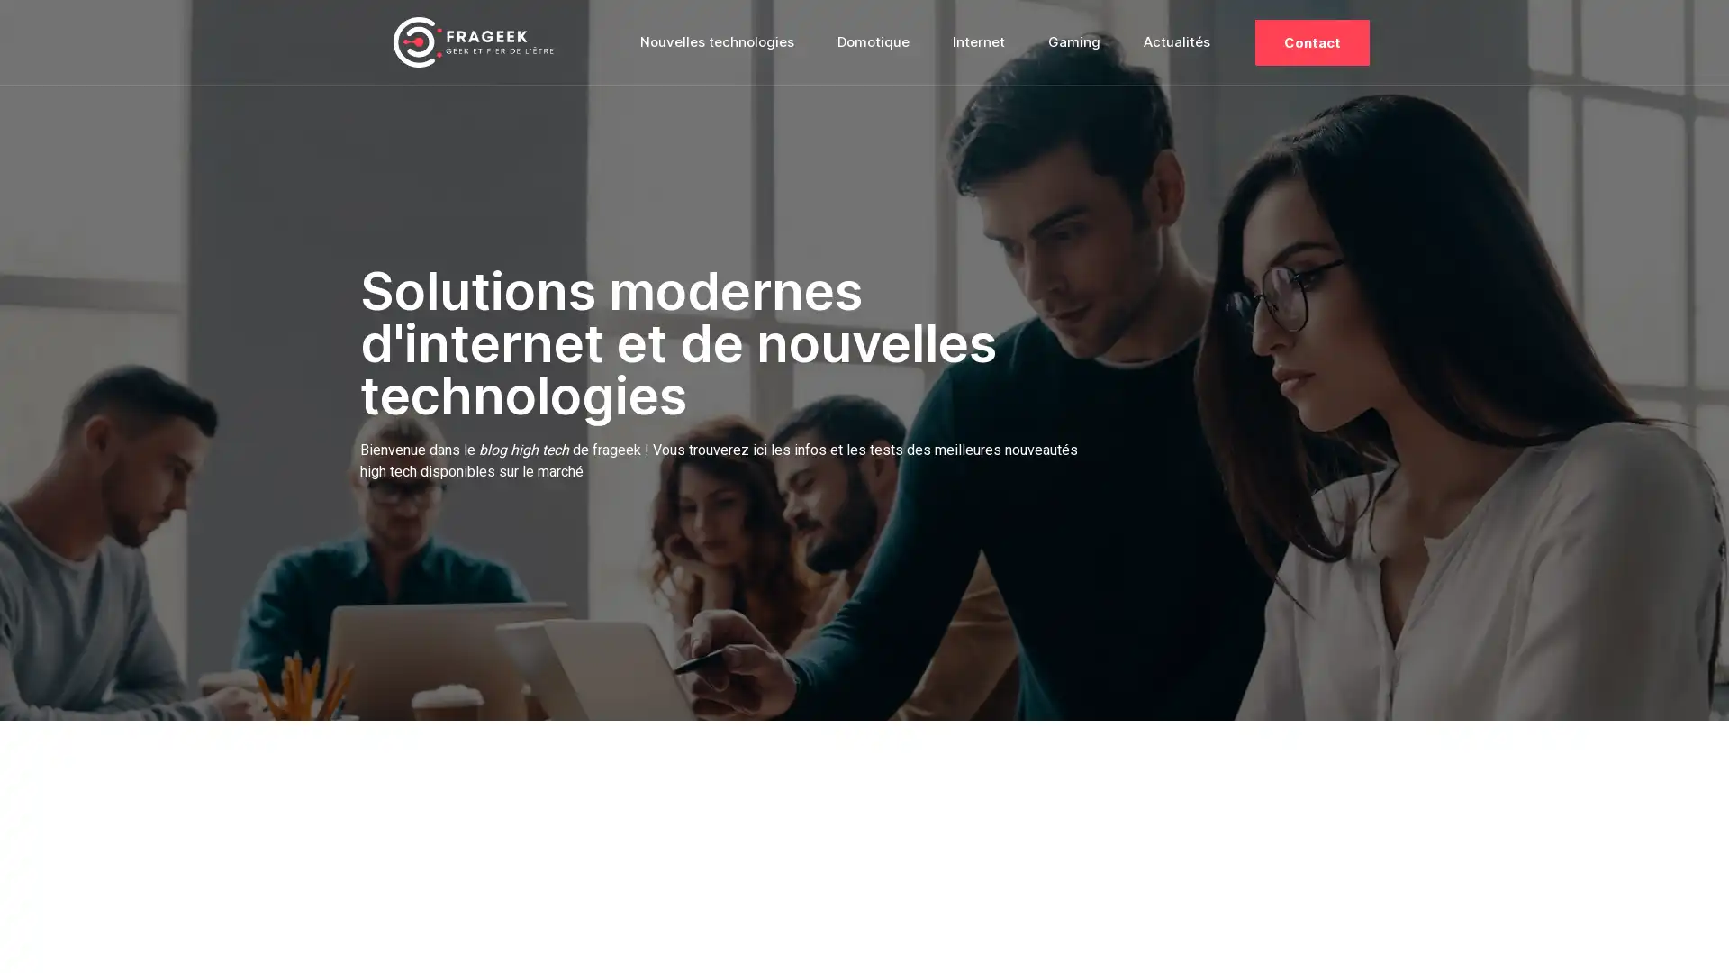  I want to click on Contact, so click(1312, 41).